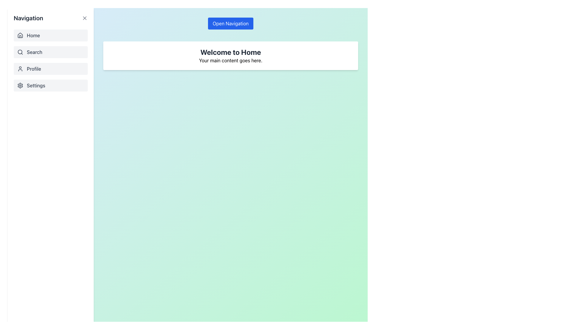  I want to click on the 'Search' button, which is the second visible interactive item in the vertical navigation panel, so click(50, 61).